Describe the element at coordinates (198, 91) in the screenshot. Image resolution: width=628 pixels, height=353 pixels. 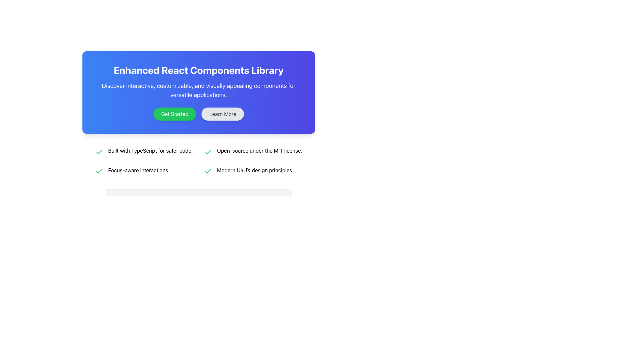
I see `the text label that reads 'Discover interactive, customizable, and visually appealing components for versatile applications.' which is located beneath the title 'Enhanced React Components Library' with a gradient blue to indigo background` at that location.